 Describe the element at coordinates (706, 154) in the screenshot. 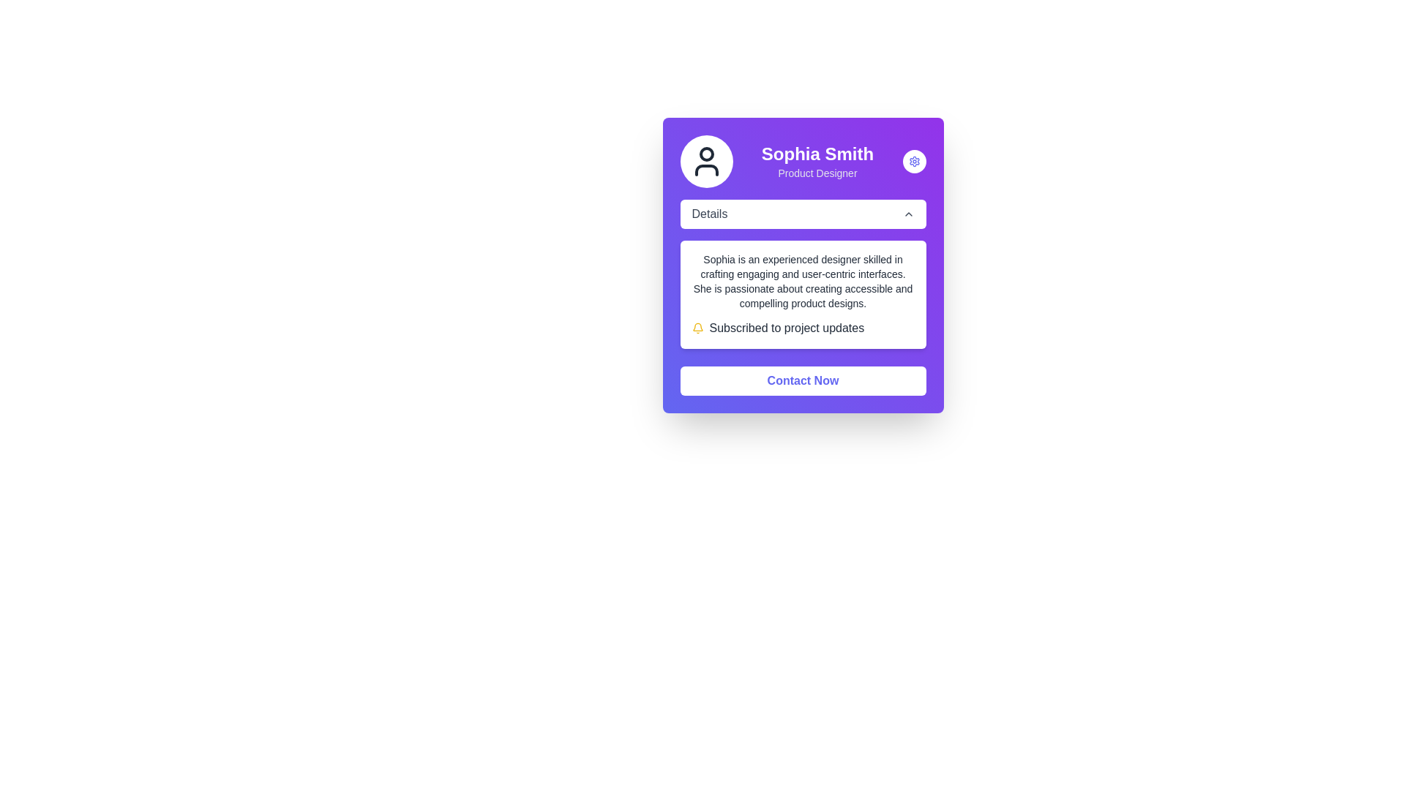

I see `the uppermost circular part of the user profile icon, which has a black border and a transparent interior, located adjacent to the name 'Sophia Smith' and her title 'Product Designer'` at that location.